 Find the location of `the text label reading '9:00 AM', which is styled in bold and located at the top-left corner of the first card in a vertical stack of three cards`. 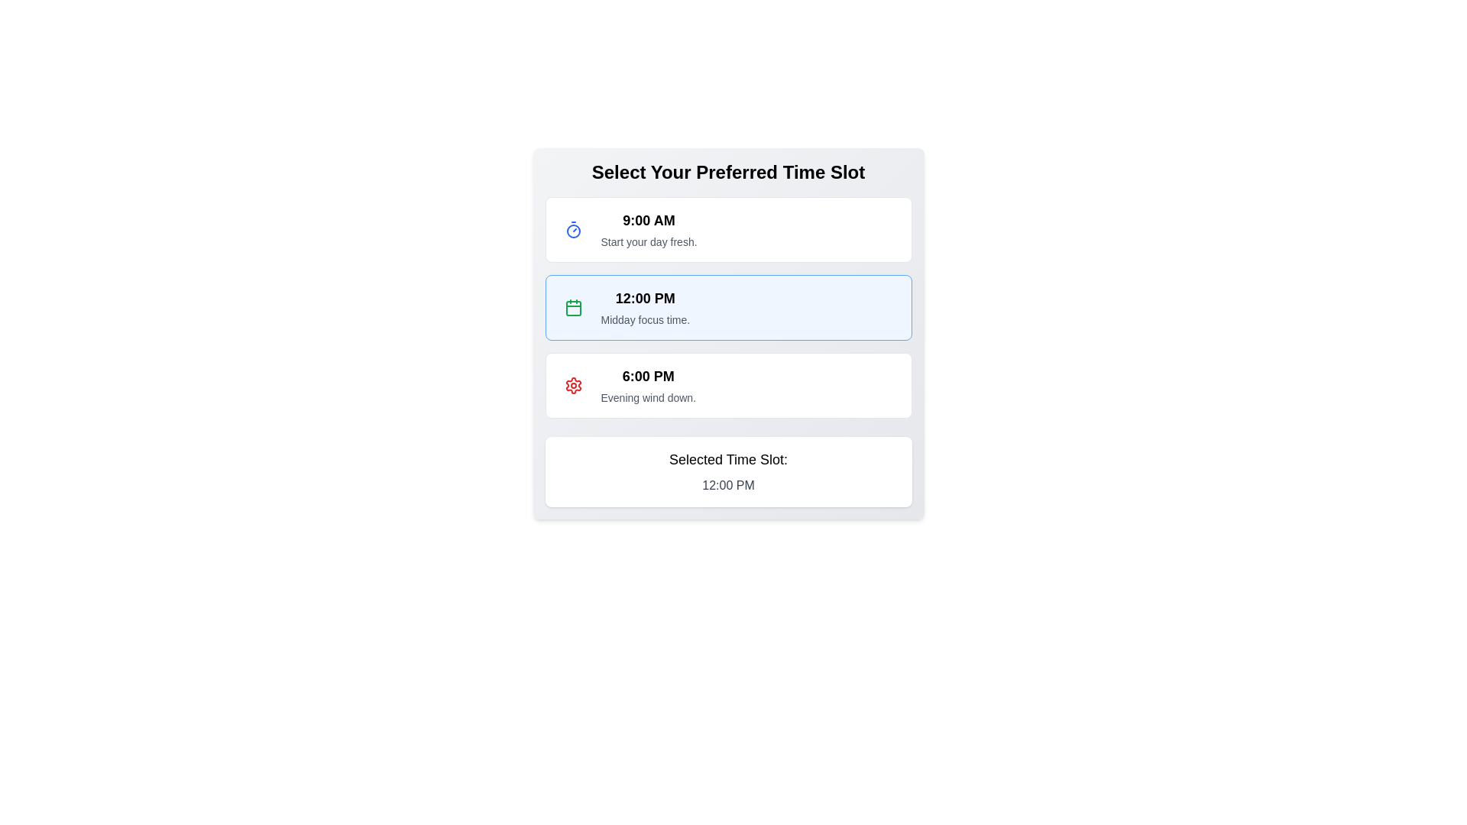

the text label reading '9:00 AM', which is styled in bold and located at the top-left corner of the first card in a vertical stack of three cards is located at coordinates (649, 221).